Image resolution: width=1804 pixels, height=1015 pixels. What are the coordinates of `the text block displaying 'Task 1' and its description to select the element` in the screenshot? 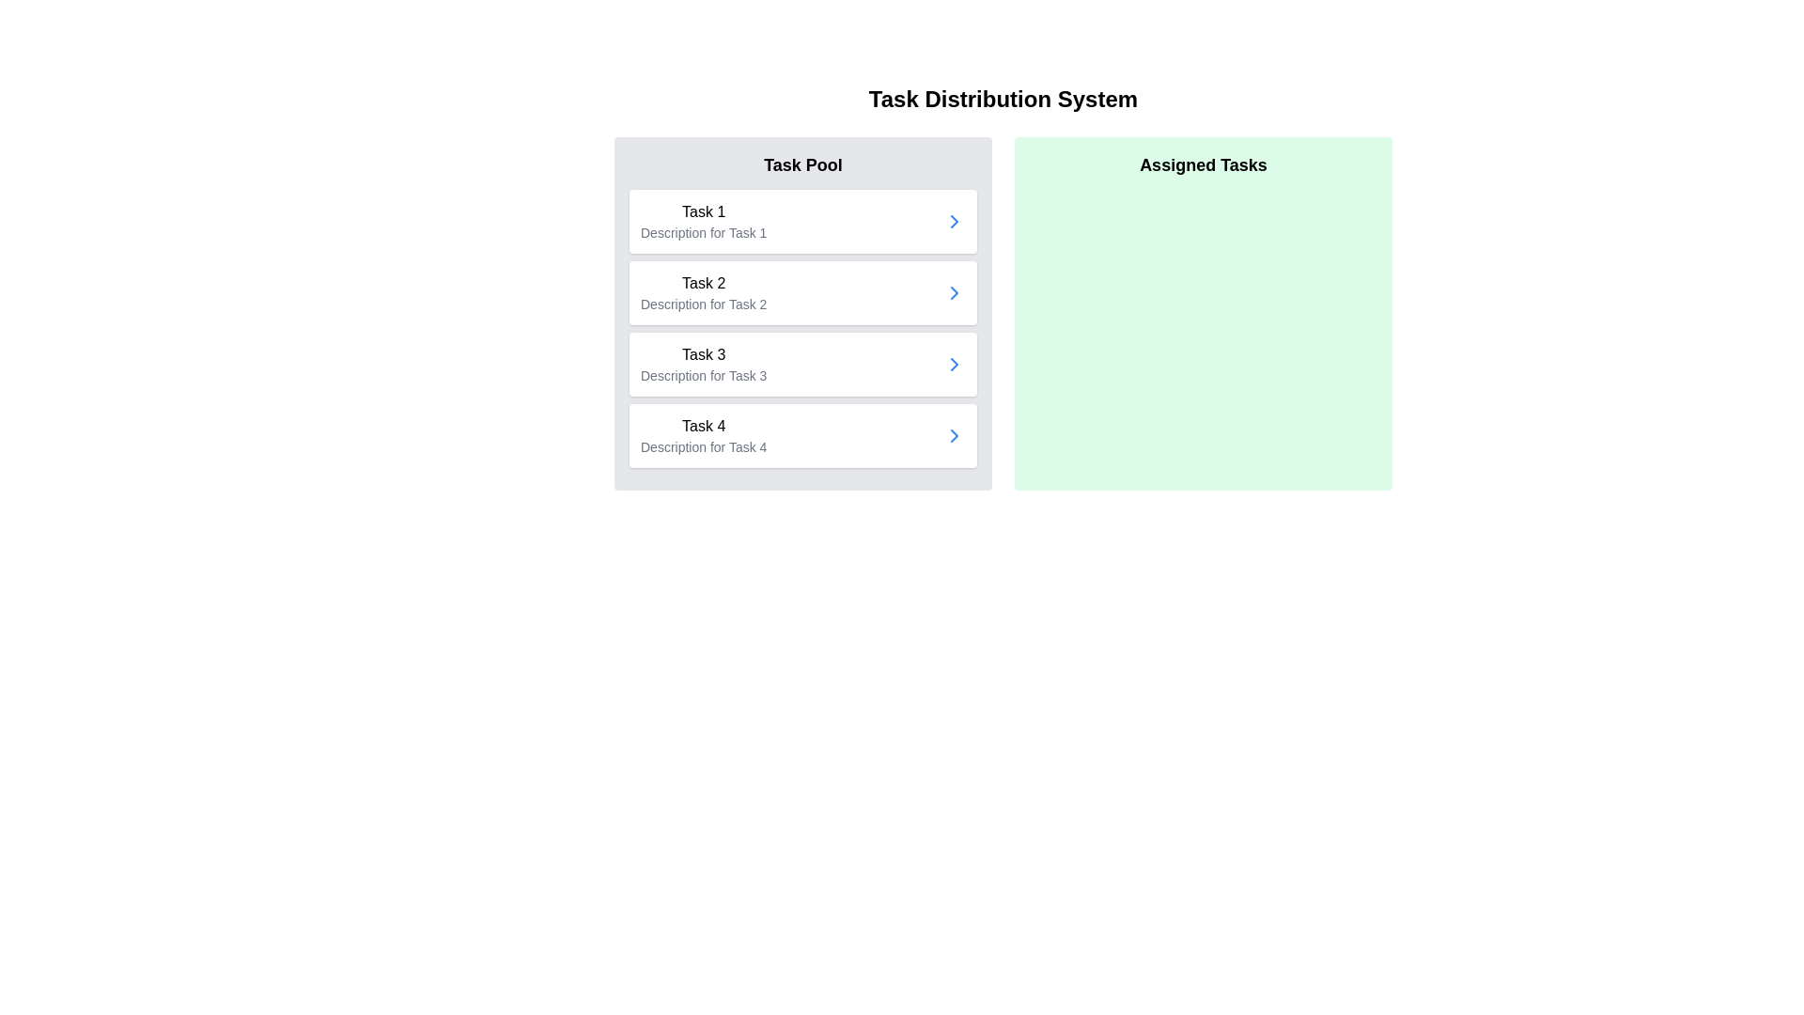 It's located at (703, 220).